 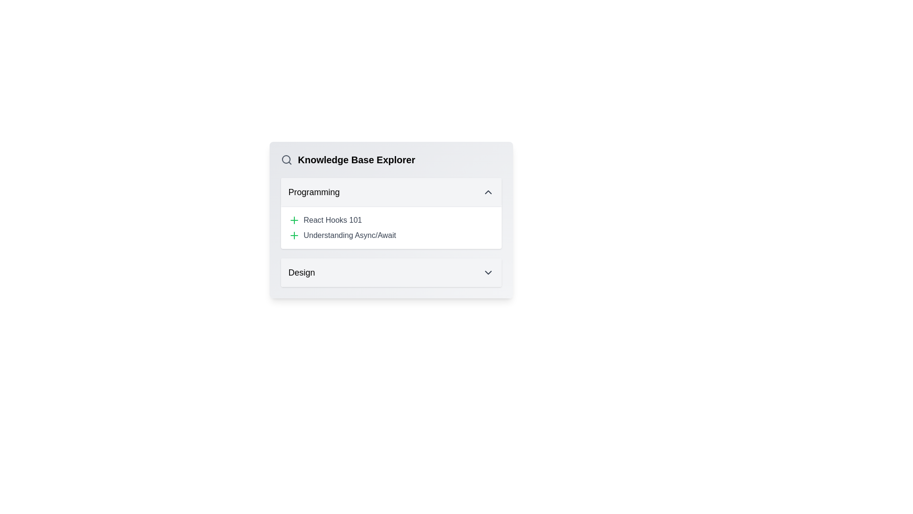 I want to click on the search icon to activate the search functionality, so click(x=286, y=159).